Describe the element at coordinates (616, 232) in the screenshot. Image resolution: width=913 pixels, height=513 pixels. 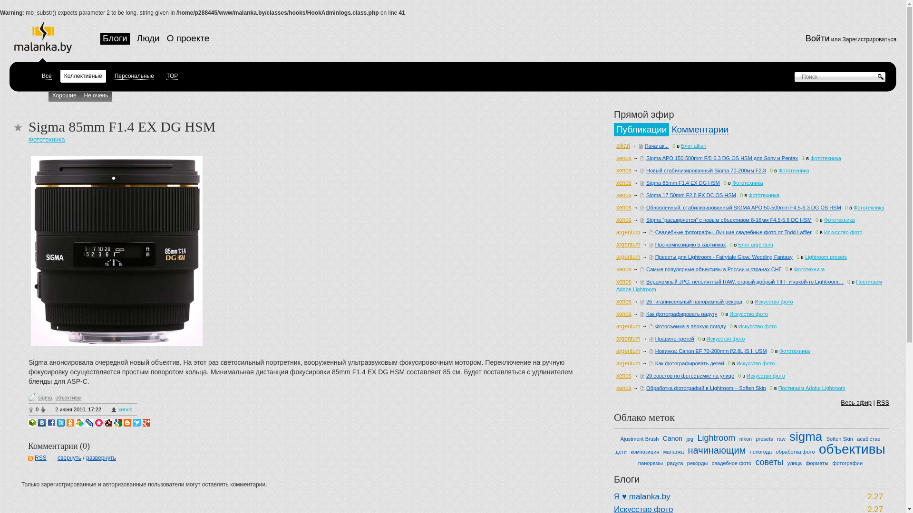
I see `'argentum'` at that location.